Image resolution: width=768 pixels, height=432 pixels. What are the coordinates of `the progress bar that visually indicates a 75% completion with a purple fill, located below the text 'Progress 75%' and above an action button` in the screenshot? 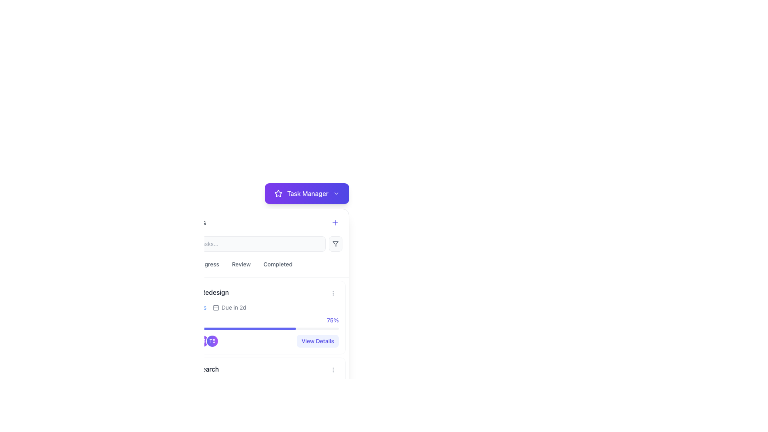 It's located at (253, 328).